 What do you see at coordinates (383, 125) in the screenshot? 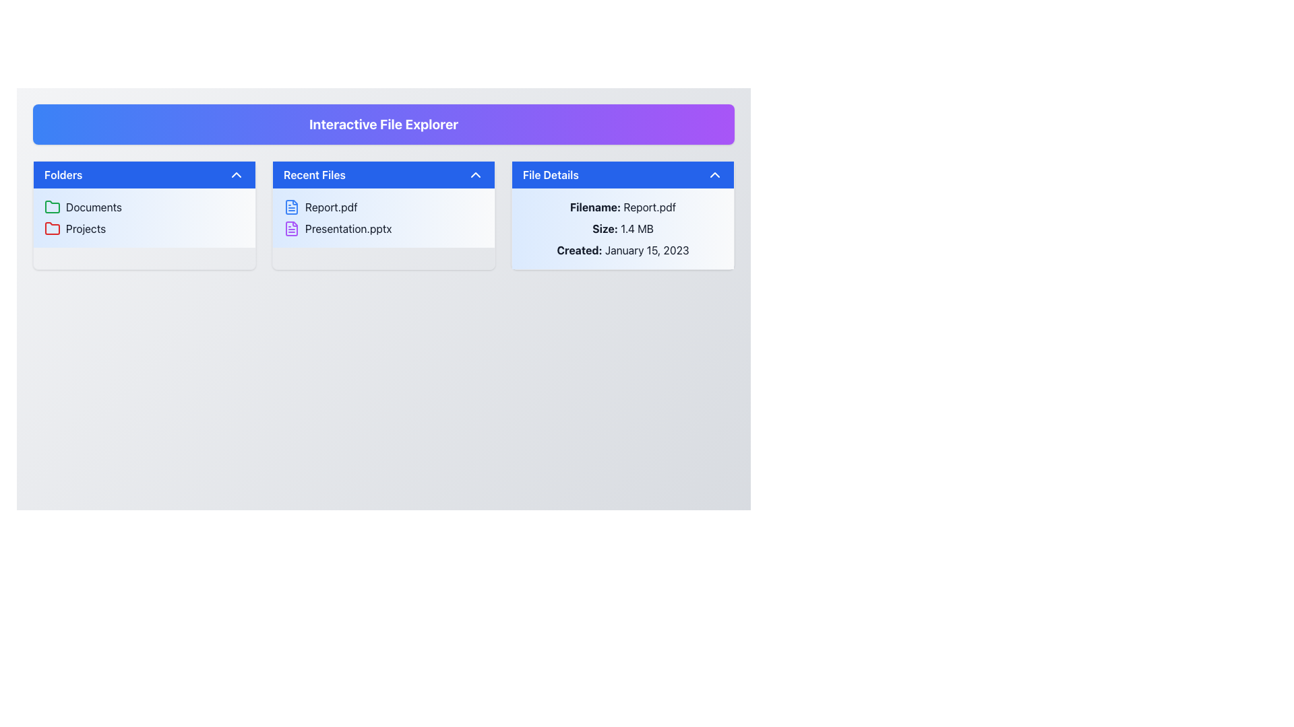
I see `the header or title bar element that serves as the title for the entire interface, located at the top of the layout` at bounding box center [383, 125].